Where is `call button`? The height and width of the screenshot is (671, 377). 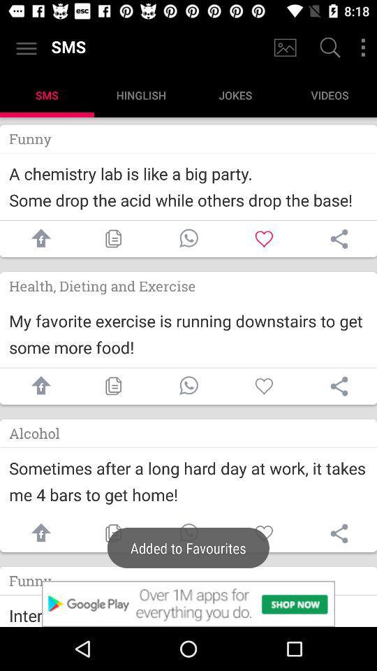
call button is located at coordinates (188, 238).